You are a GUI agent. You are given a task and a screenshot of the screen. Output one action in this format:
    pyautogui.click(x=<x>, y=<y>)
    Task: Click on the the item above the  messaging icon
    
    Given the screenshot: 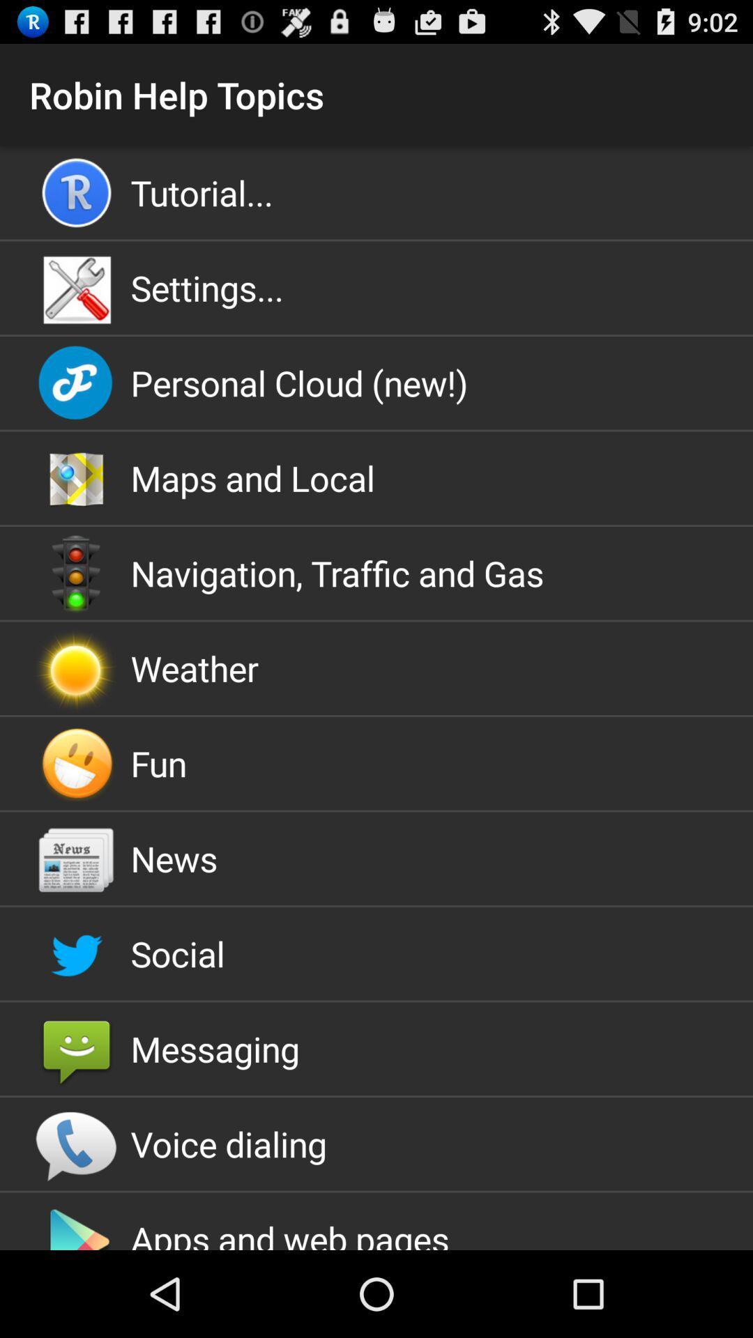 What is the action you would take?
    pyautogui.click(x=376, y=953)
    